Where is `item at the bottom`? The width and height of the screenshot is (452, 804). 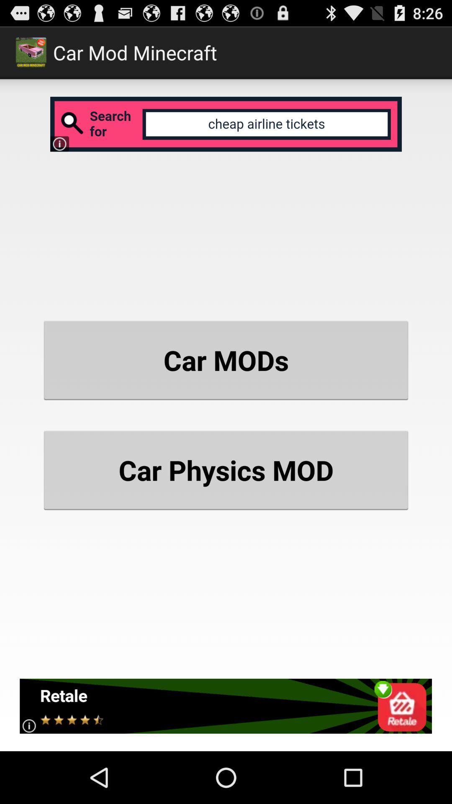
item at the bottom is located at coordinates (225, 706).